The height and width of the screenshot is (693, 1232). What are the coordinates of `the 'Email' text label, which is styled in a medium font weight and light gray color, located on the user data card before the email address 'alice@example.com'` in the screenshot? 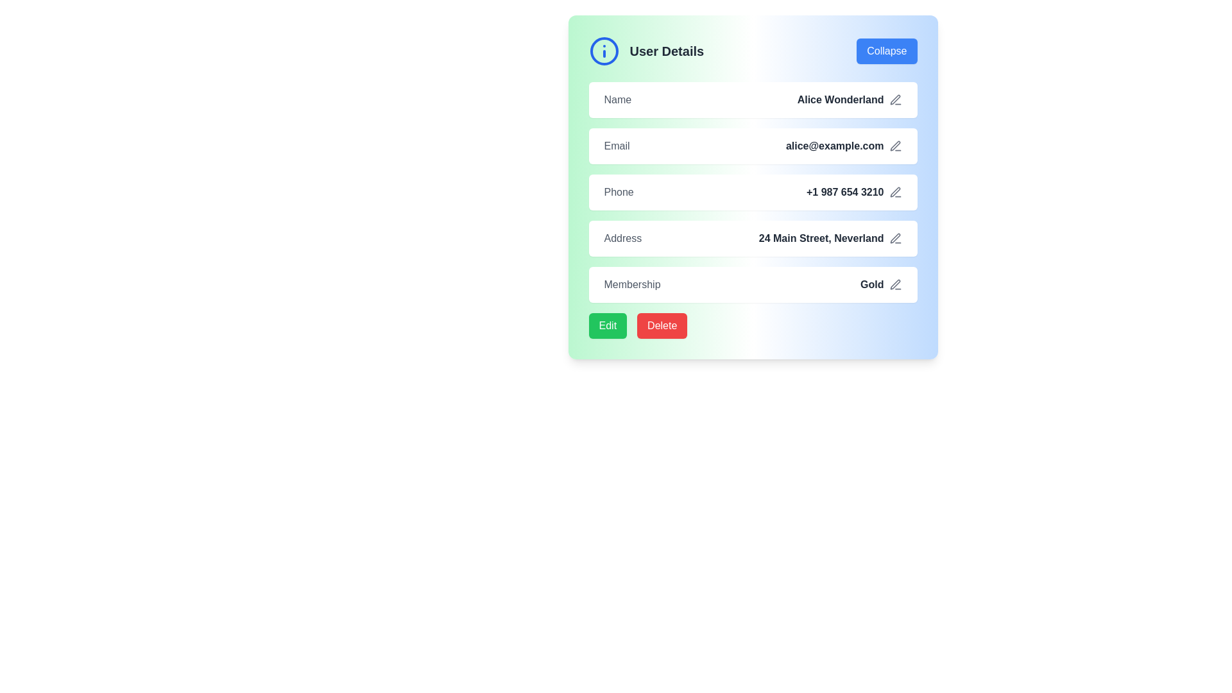 It's located at (617, 145).